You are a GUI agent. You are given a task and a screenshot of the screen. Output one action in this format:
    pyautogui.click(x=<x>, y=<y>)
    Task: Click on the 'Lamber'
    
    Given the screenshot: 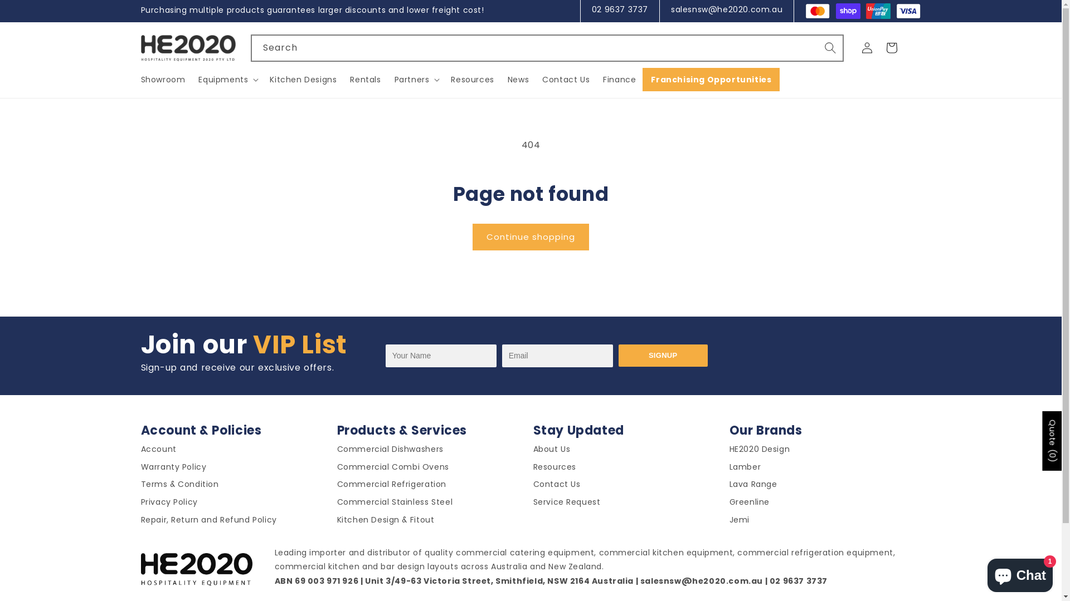 What is the action you would take?
    pyautogui.click(x=745, y=469)
    